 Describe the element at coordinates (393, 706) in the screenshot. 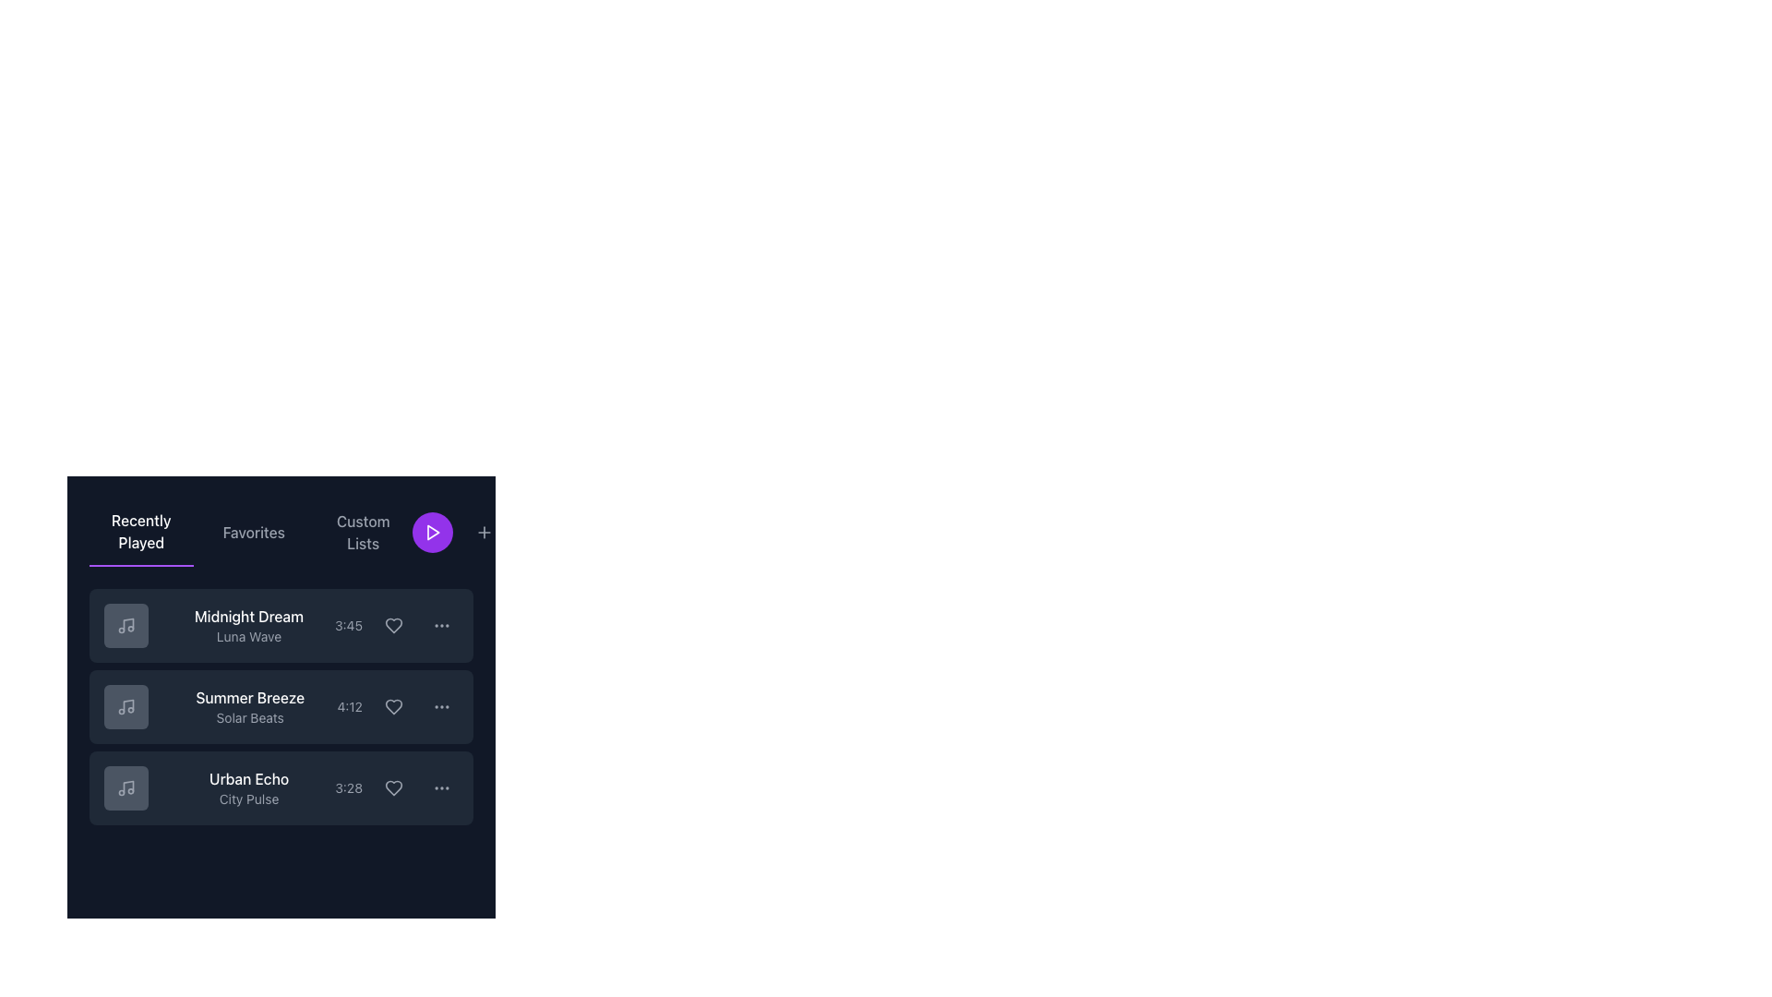

I see `the heart toggle icon for the song 'Summer Breeze' in the playlist` at that location.